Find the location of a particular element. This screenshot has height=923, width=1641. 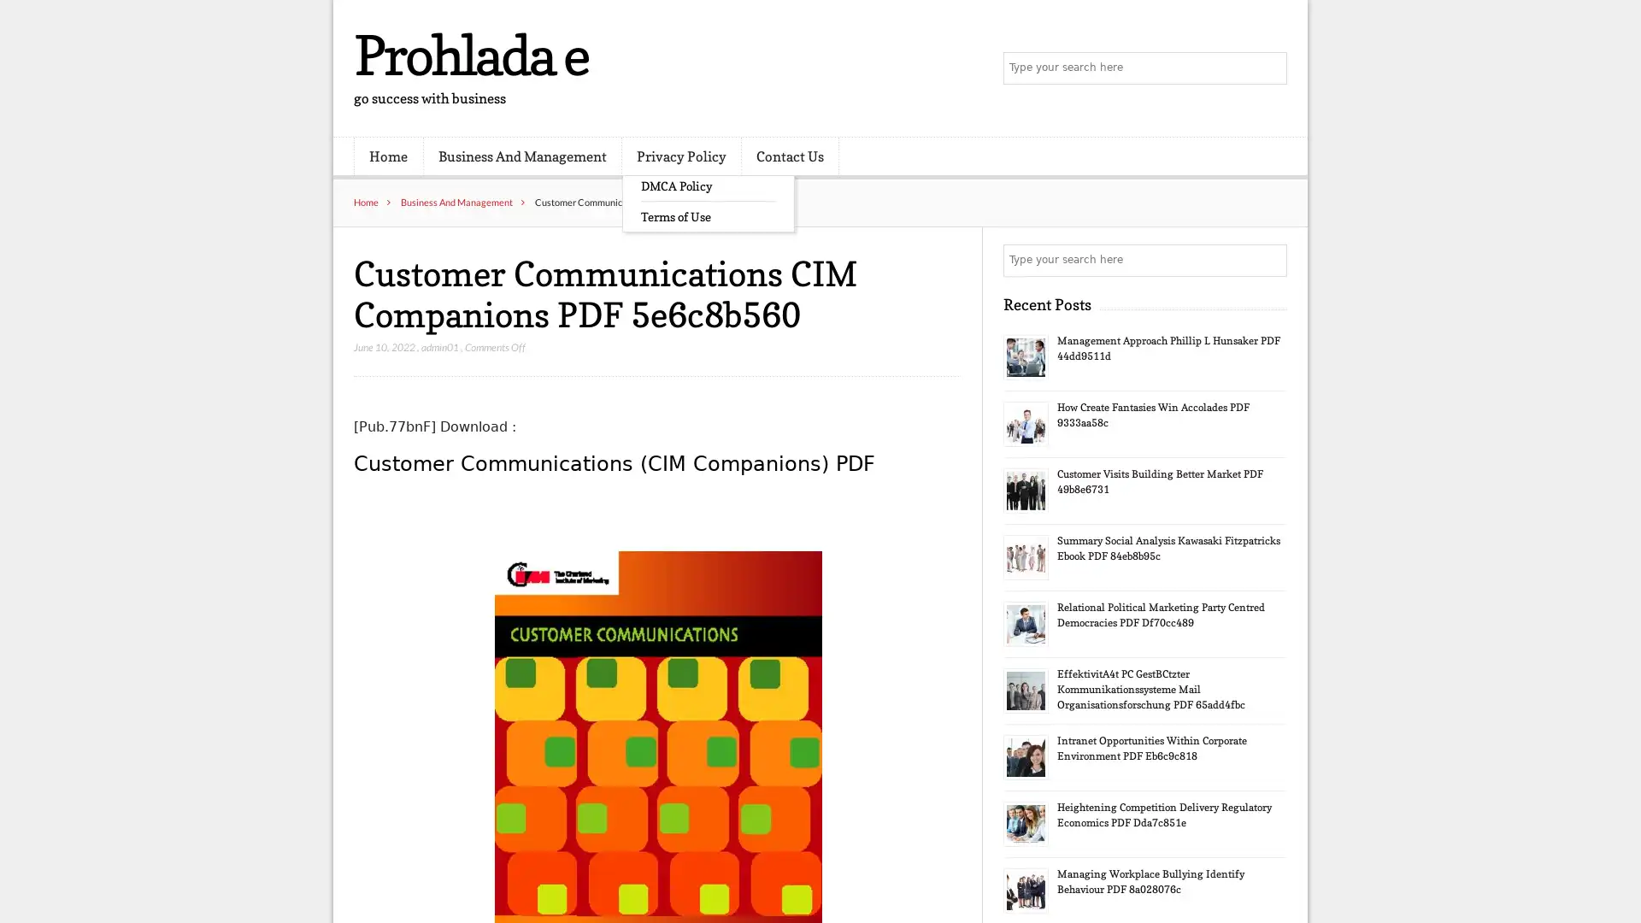

Search is located at coordinates (1269, 260).